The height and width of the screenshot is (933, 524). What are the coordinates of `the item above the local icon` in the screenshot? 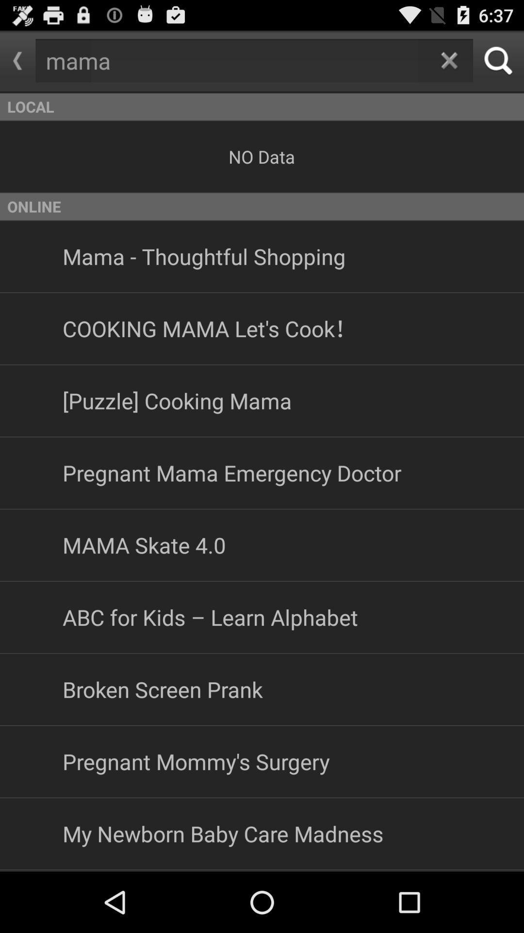 It's located at (449, 60).